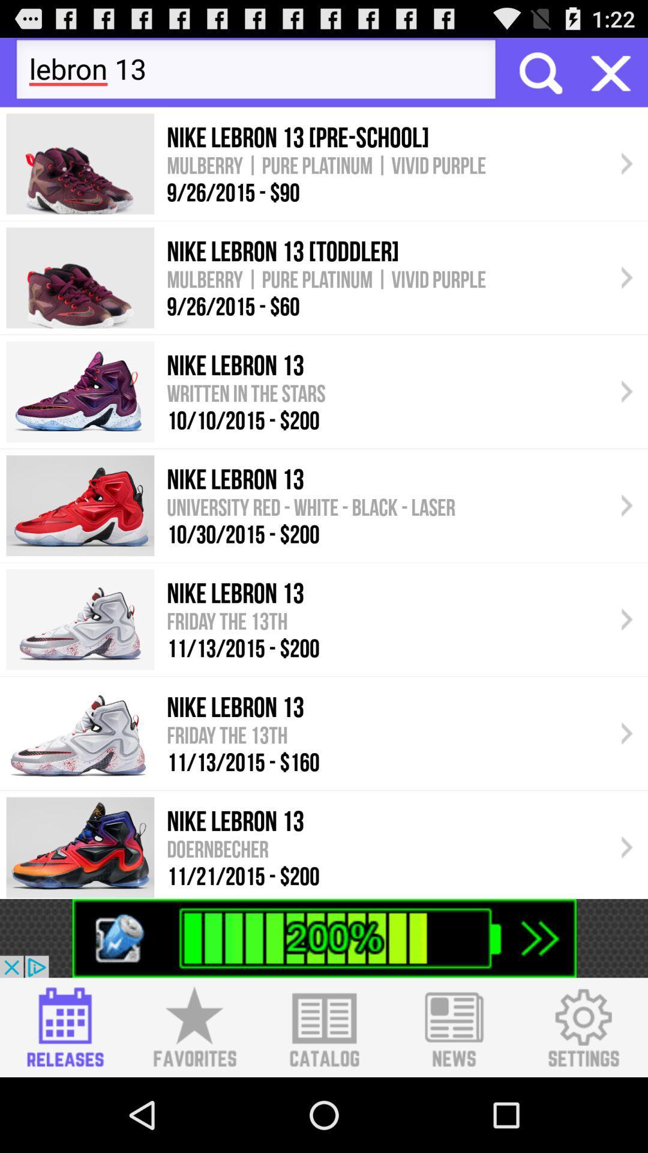 The width and height of the screenshot is (648, 1153). Describe the element at coordinates (611, 71) in the screenshot. I see `close/ exit` at that location.